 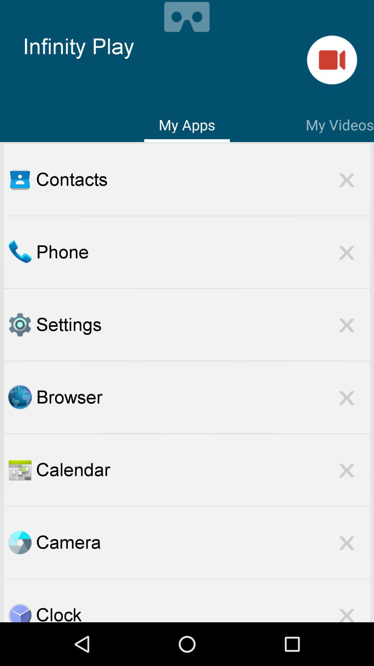 I want to click on a web brower, so click(x=19, y=397).